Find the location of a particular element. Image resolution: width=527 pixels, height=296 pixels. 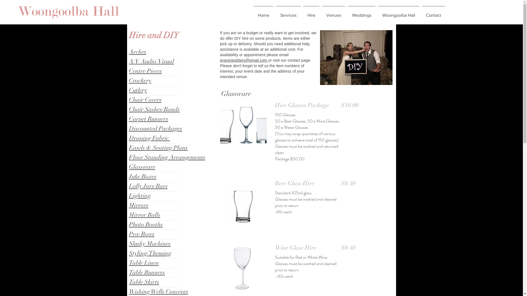

'Arches' is located at coordinates (138, 52).